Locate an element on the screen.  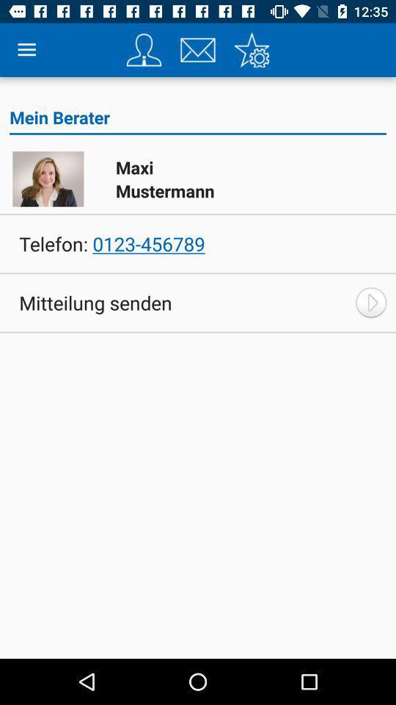
your profile is located at coordinates (144, 50).